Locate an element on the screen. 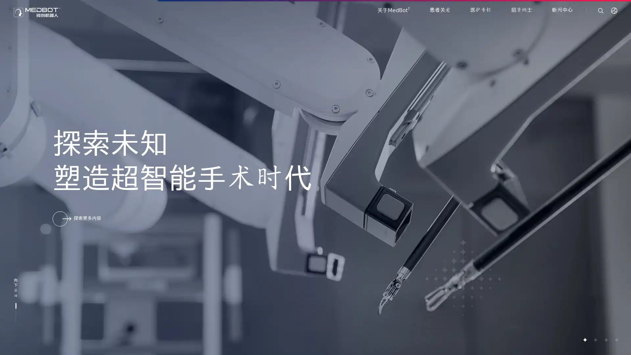  Go to slide 2 is located at coordinates (595, 340).